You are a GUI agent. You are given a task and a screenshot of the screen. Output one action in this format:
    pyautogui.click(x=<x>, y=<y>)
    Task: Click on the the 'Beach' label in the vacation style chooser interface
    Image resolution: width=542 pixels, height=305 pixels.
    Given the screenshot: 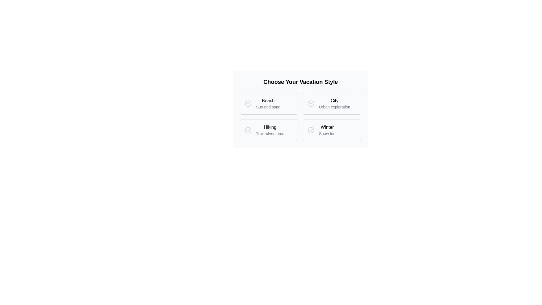 What is the action you would take?
    pyautogui.click(x=268, y=101)
    